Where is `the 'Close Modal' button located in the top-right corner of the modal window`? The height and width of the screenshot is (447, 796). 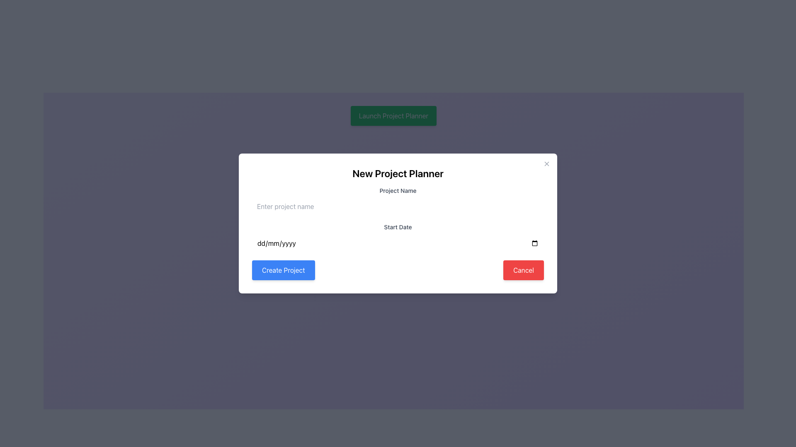 the 'Close Modal' button located in the top-right corner of the modal window is located at coordinates (547, 164).